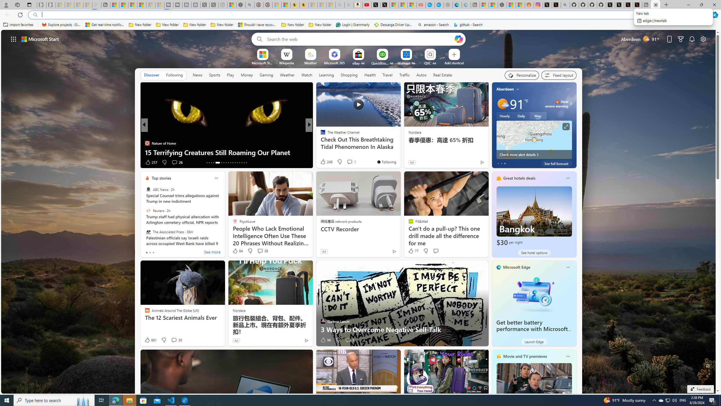 The image size is (721, 406). Describe the element at coordinates (206, 163) in the screenshot. I see `'AutomationID: tab-13'` at that location.